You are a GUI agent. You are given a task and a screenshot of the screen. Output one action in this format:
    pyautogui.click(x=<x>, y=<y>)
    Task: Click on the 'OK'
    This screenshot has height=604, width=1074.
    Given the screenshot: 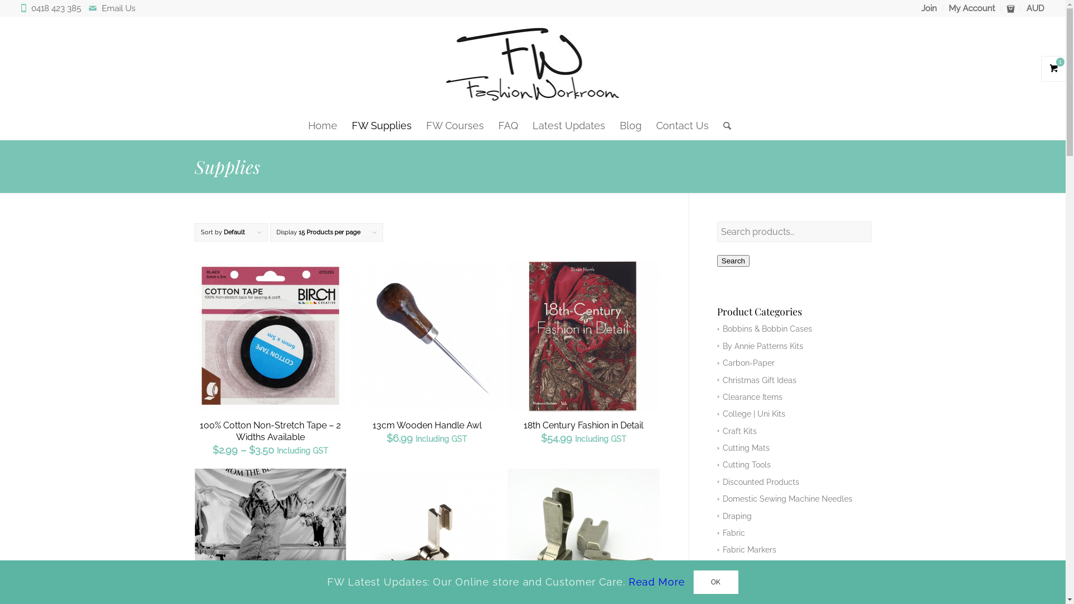 What is the action you would take?
    pyautogui.click(x=693, y=582)
    